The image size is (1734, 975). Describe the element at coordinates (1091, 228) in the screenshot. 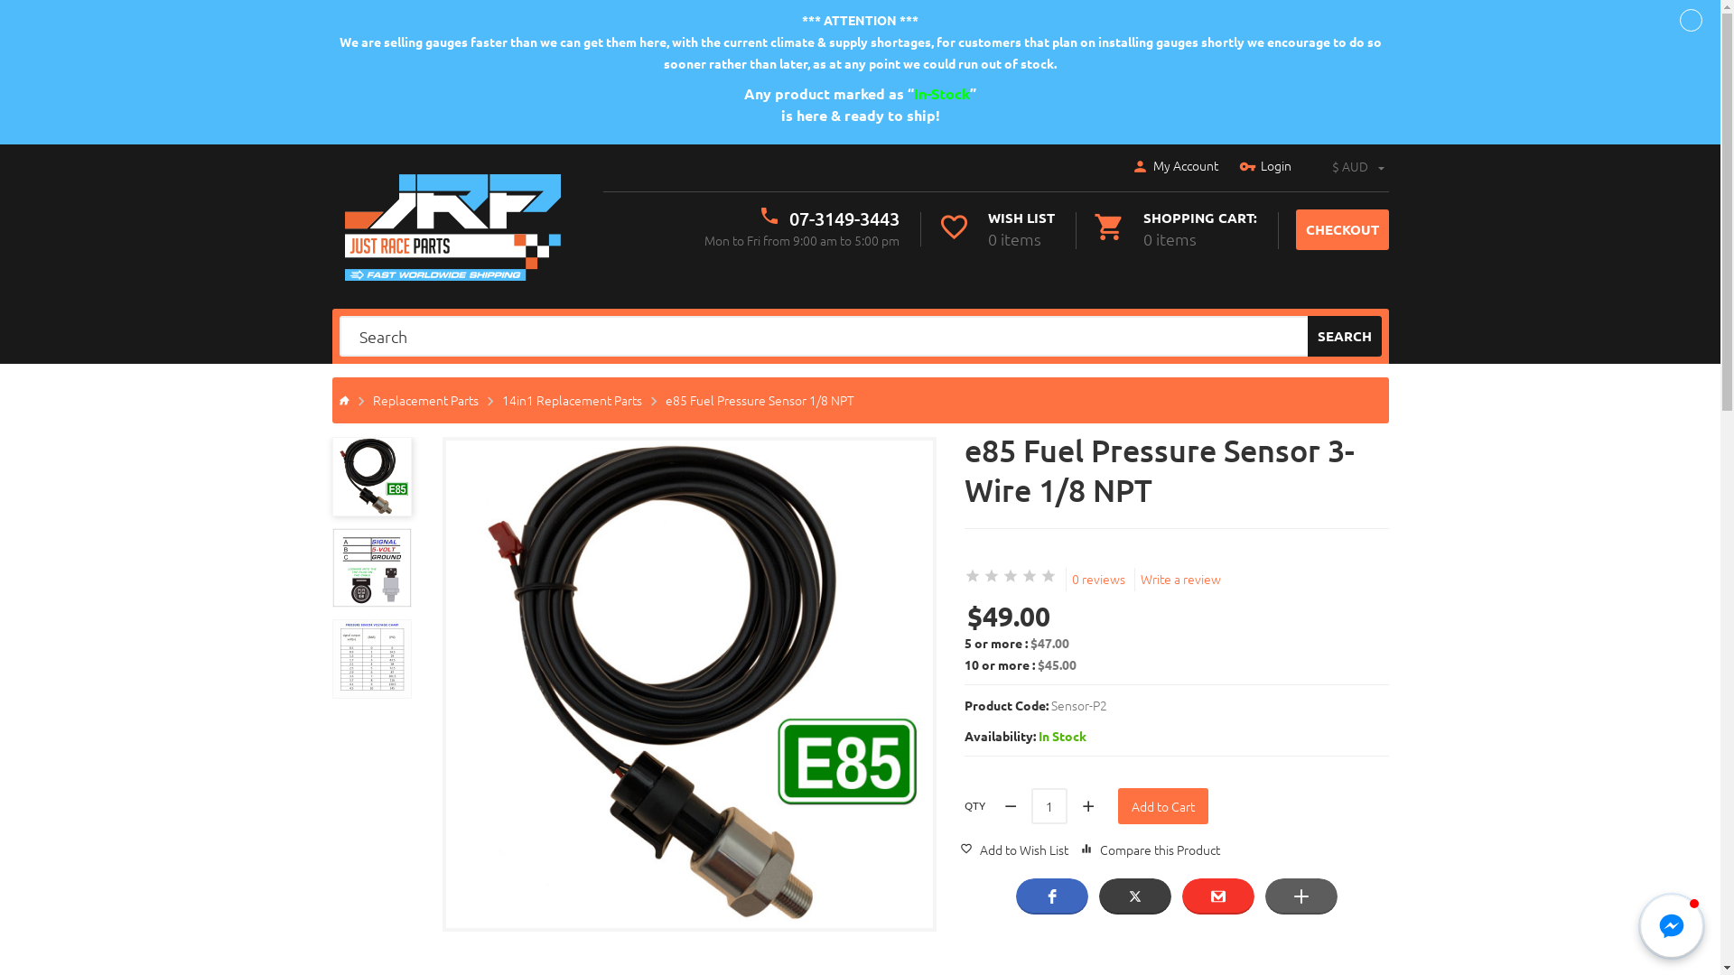

I see `'SHOPPING CART:` at that location.